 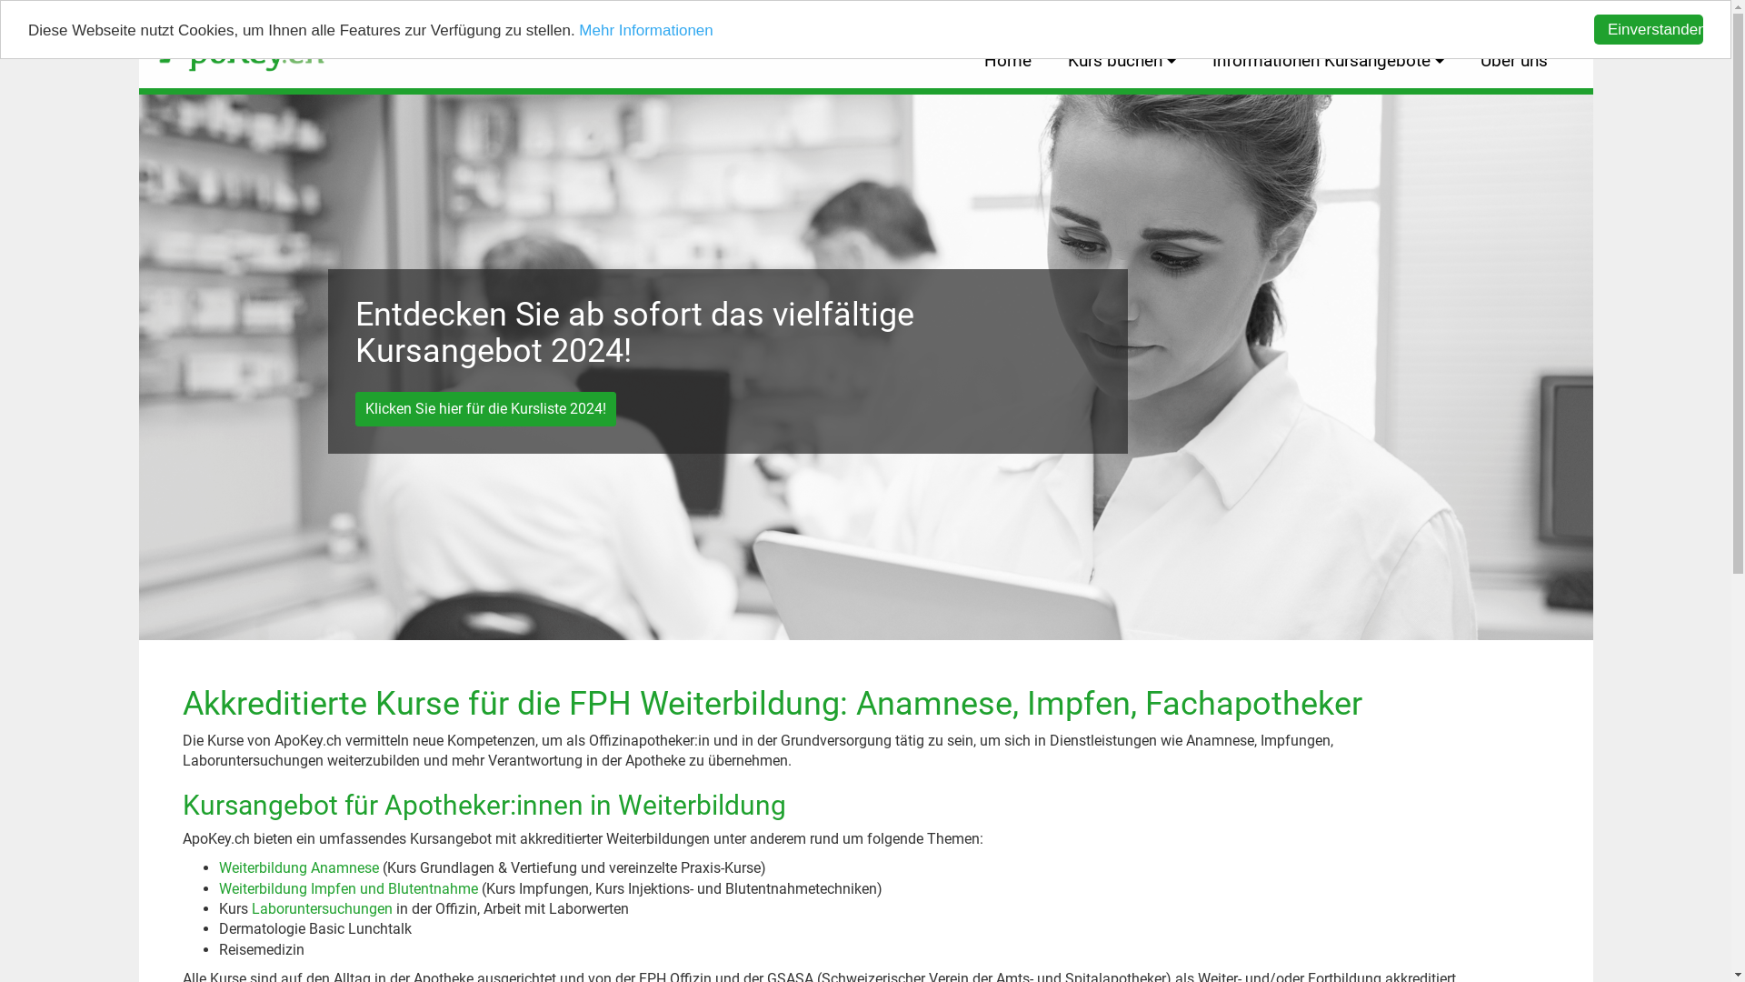 I want to click on 'Home', so click(x=1006, y=60).